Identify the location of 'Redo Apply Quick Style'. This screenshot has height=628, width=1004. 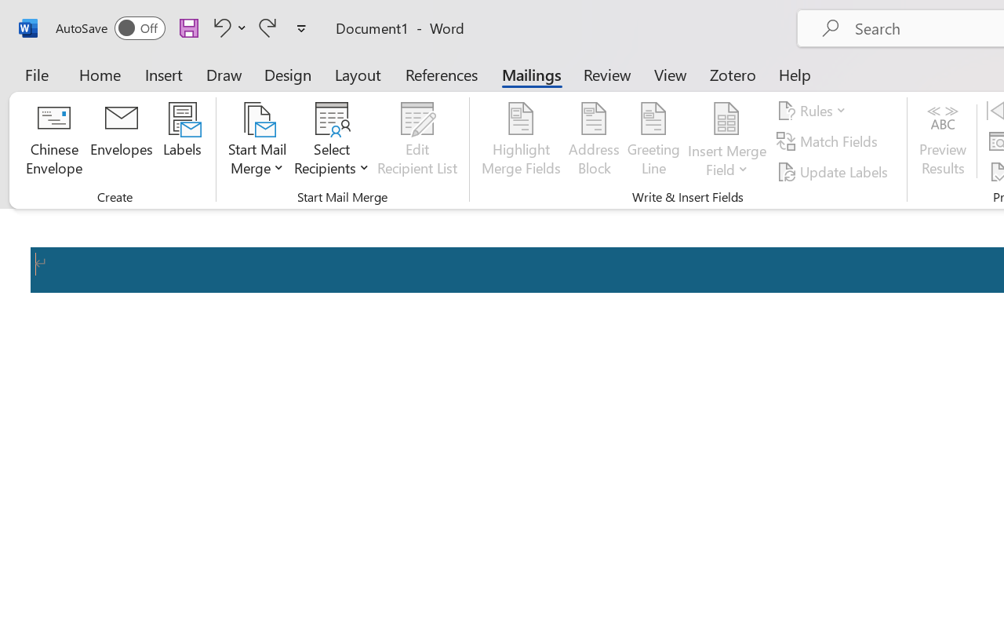
(267, 27).